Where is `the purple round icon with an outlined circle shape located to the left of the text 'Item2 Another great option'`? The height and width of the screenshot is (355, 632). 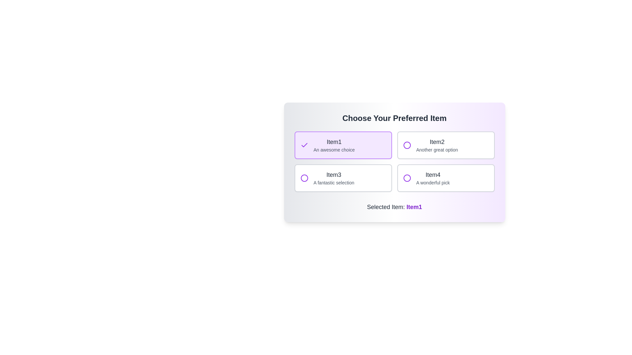 the purple round icon with an outlined circle shape located to the left of the text 'Item2 Another great option' is located at coordinates (407, 145).